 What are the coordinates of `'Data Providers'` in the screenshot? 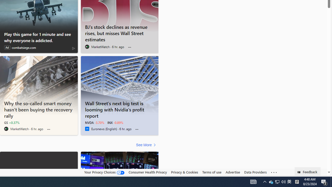 It's located at (255, 172).